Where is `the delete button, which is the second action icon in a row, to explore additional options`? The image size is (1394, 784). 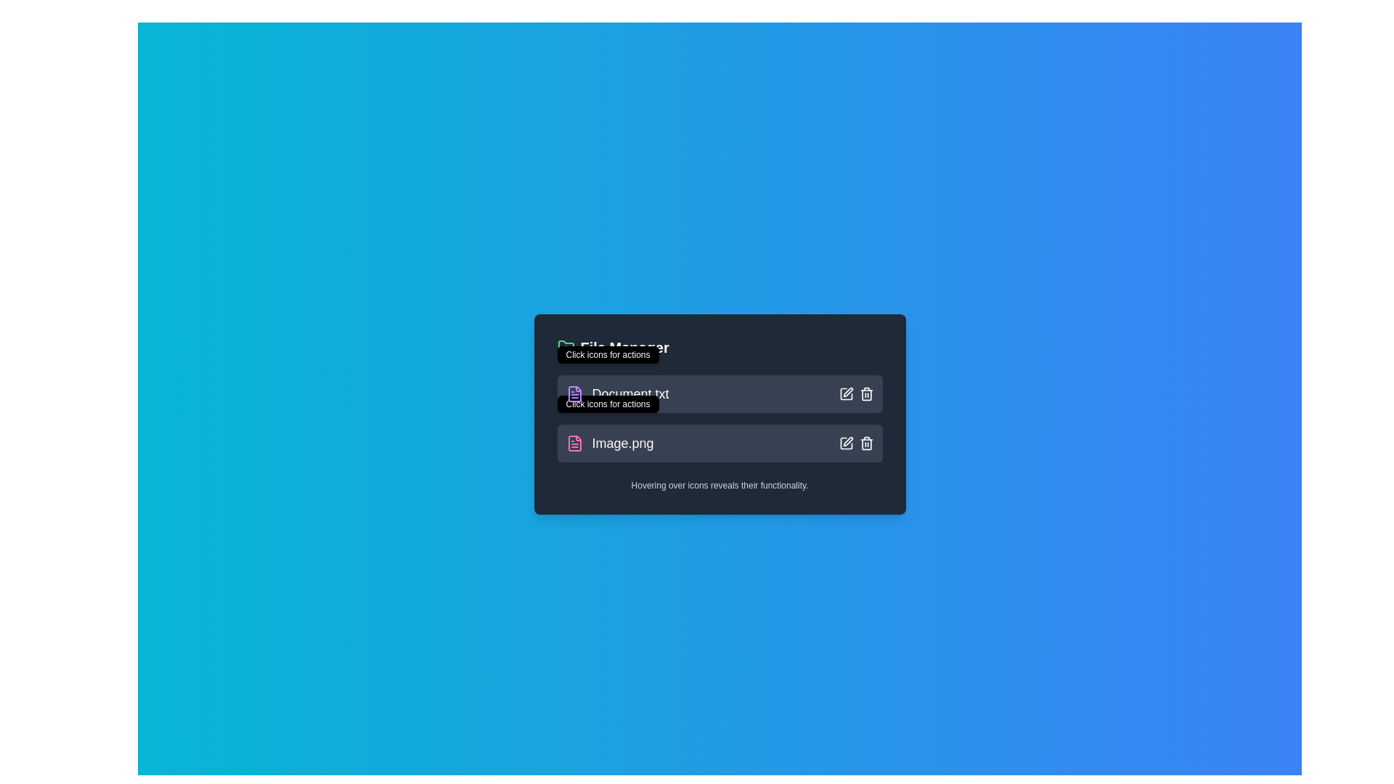
the delete button, which is the second action icon in a row, to explore additional options is located at coordinates (866, 394).